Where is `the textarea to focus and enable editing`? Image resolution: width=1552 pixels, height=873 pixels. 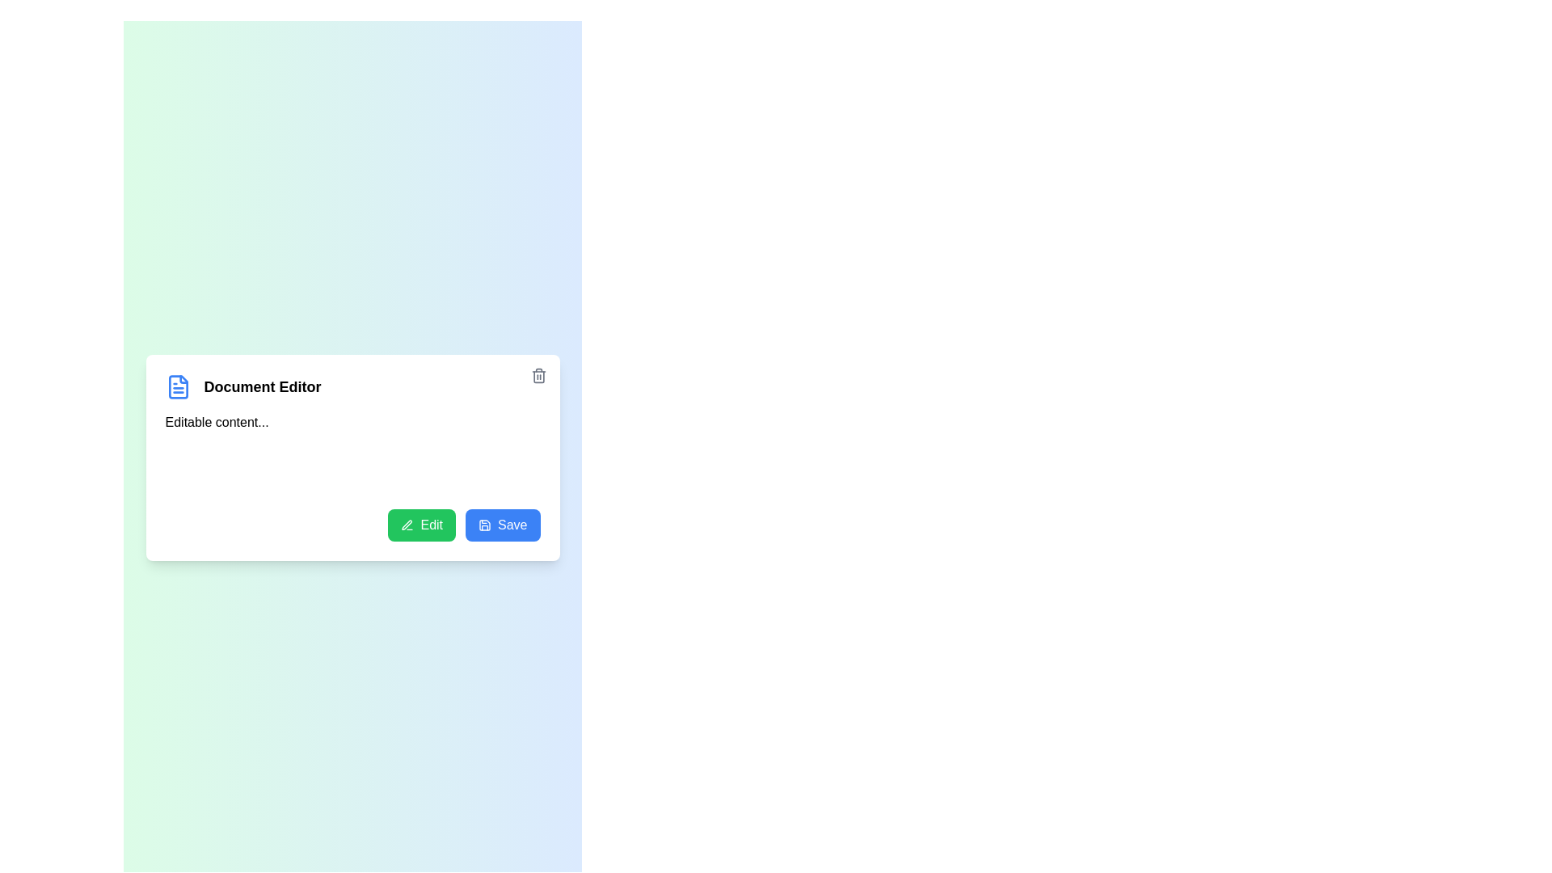 the textarea to focus and enable editing is located at coordinates (352, 451).